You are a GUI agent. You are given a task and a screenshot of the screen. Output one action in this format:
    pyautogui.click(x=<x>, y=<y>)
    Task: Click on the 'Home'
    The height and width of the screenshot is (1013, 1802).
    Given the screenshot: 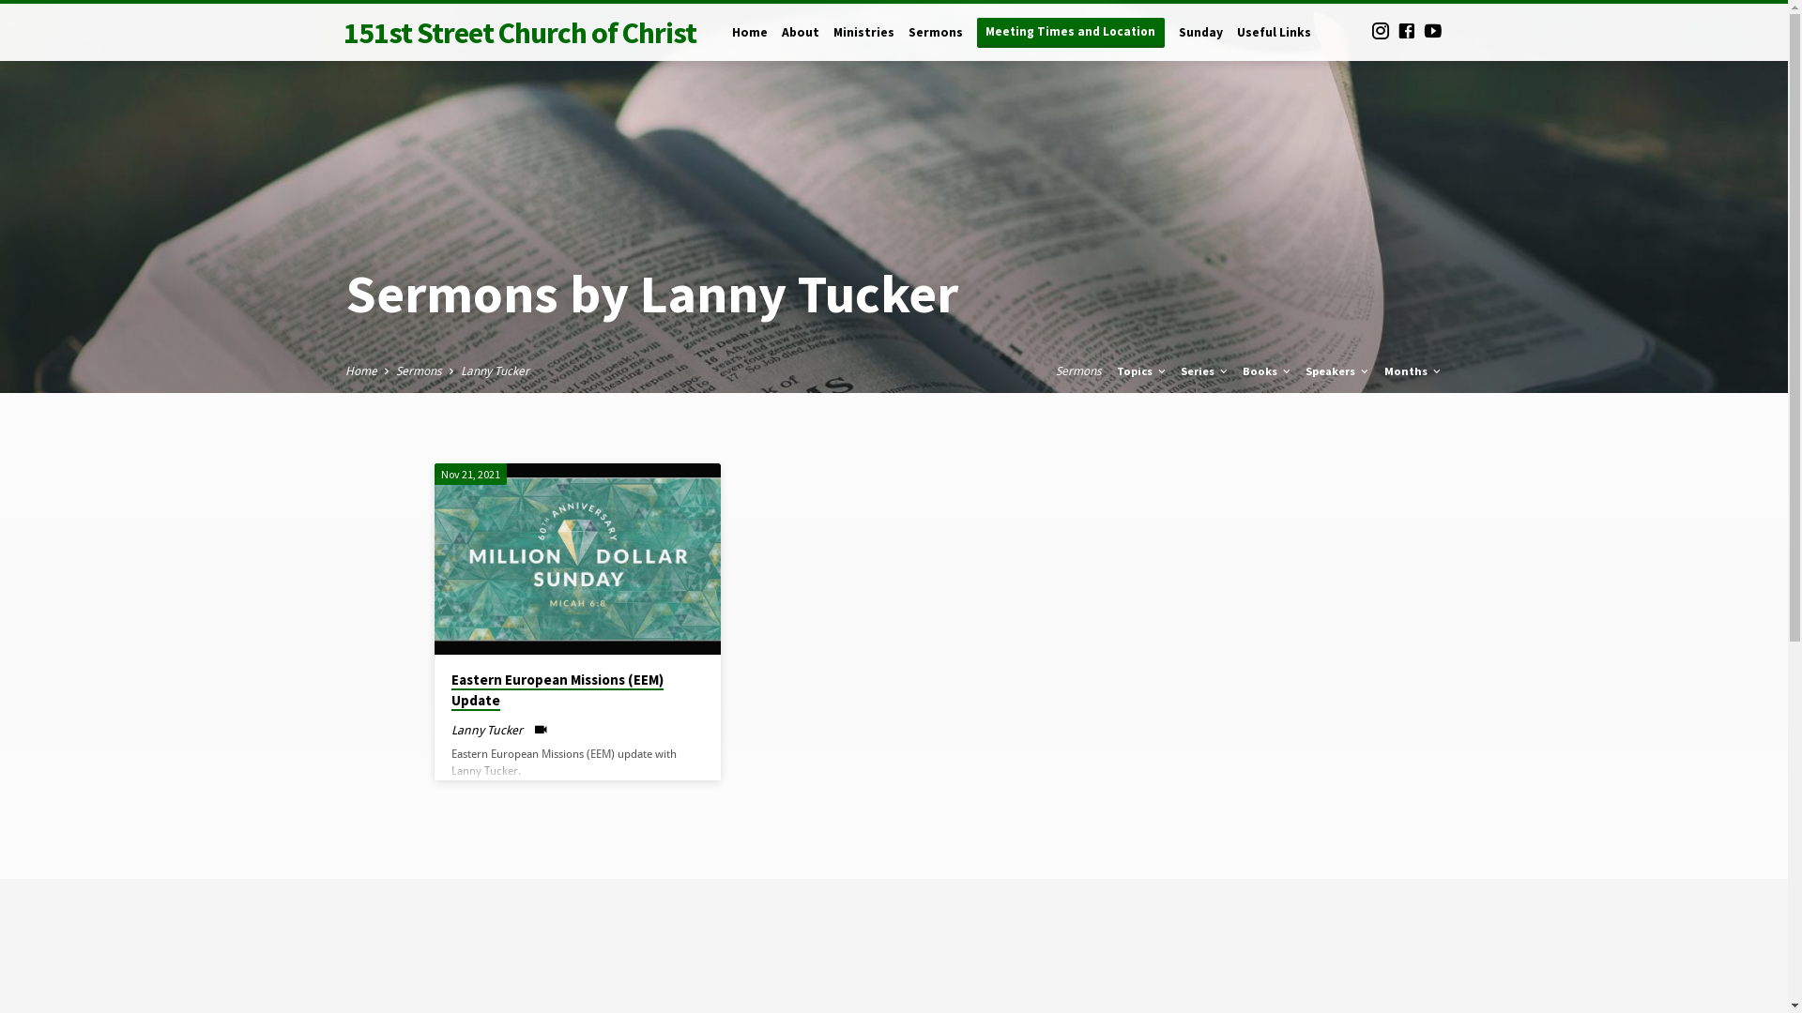 What is the action you would take?
    pyautogui.click(x=730, y=43)
    